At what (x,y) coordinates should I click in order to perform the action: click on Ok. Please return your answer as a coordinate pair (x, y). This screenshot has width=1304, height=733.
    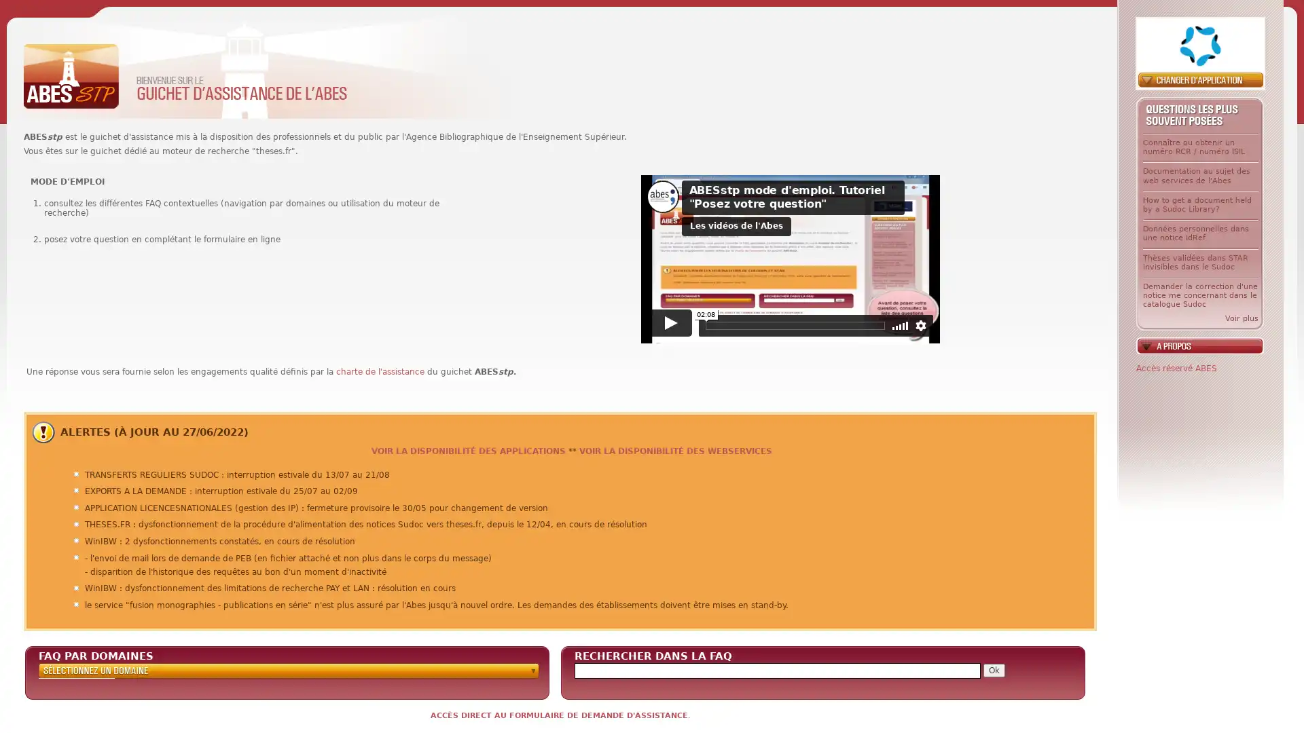
    Looking at the image, I should click on (994, 669).